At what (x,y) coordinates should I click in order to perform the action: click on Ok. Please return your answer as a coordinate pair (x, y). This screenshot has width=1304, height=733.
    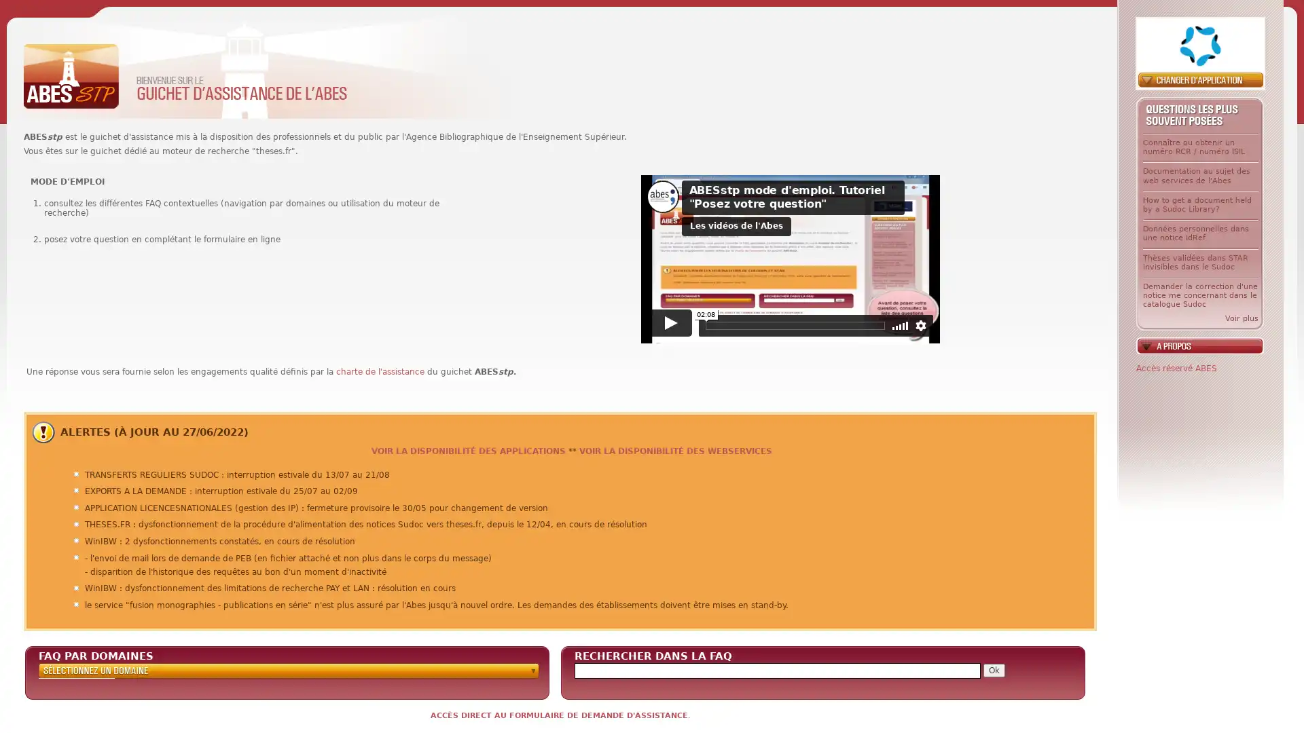
    Looking at the image, I should click on (994, 669).